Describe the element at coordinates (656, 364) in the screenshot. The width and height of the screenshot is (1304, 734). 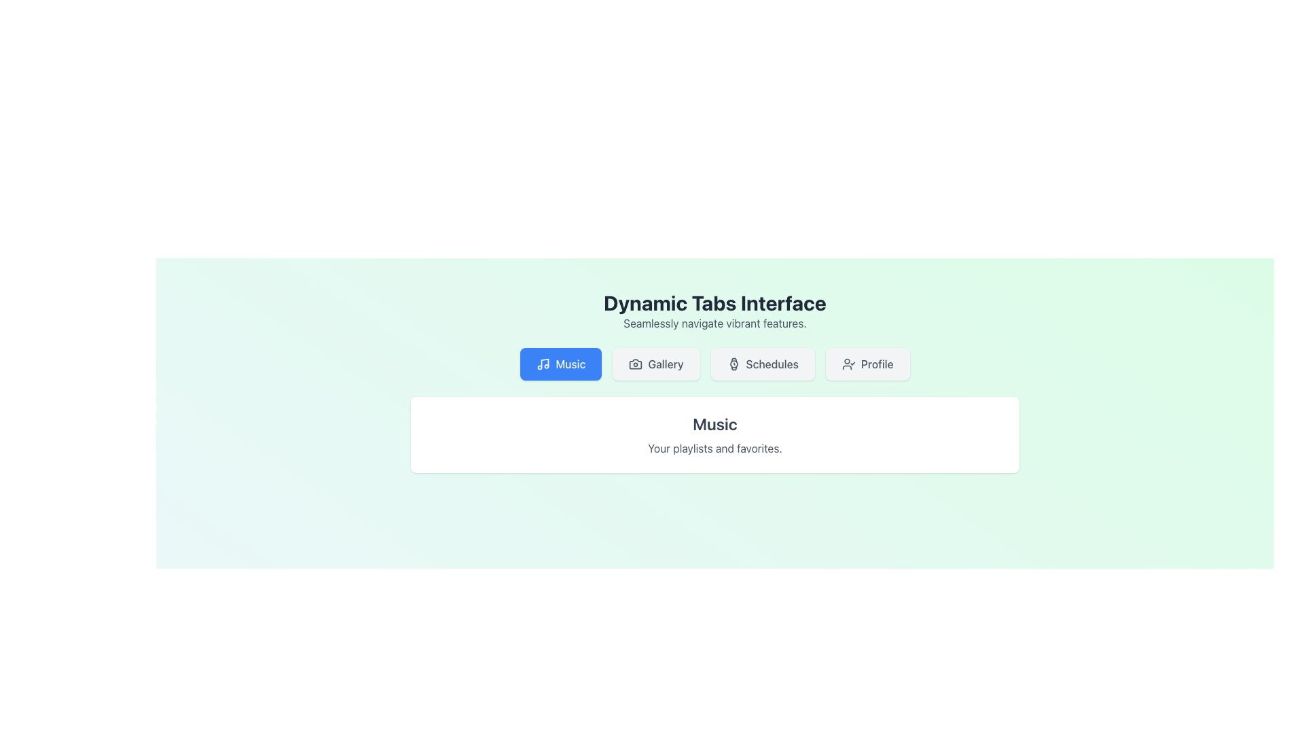
I see `the 'Gallery' button, which has a gray background, rounded corners, a camera icon on the left, and is positioned between the 'Music' and 'Schedules' buttons` at that location.